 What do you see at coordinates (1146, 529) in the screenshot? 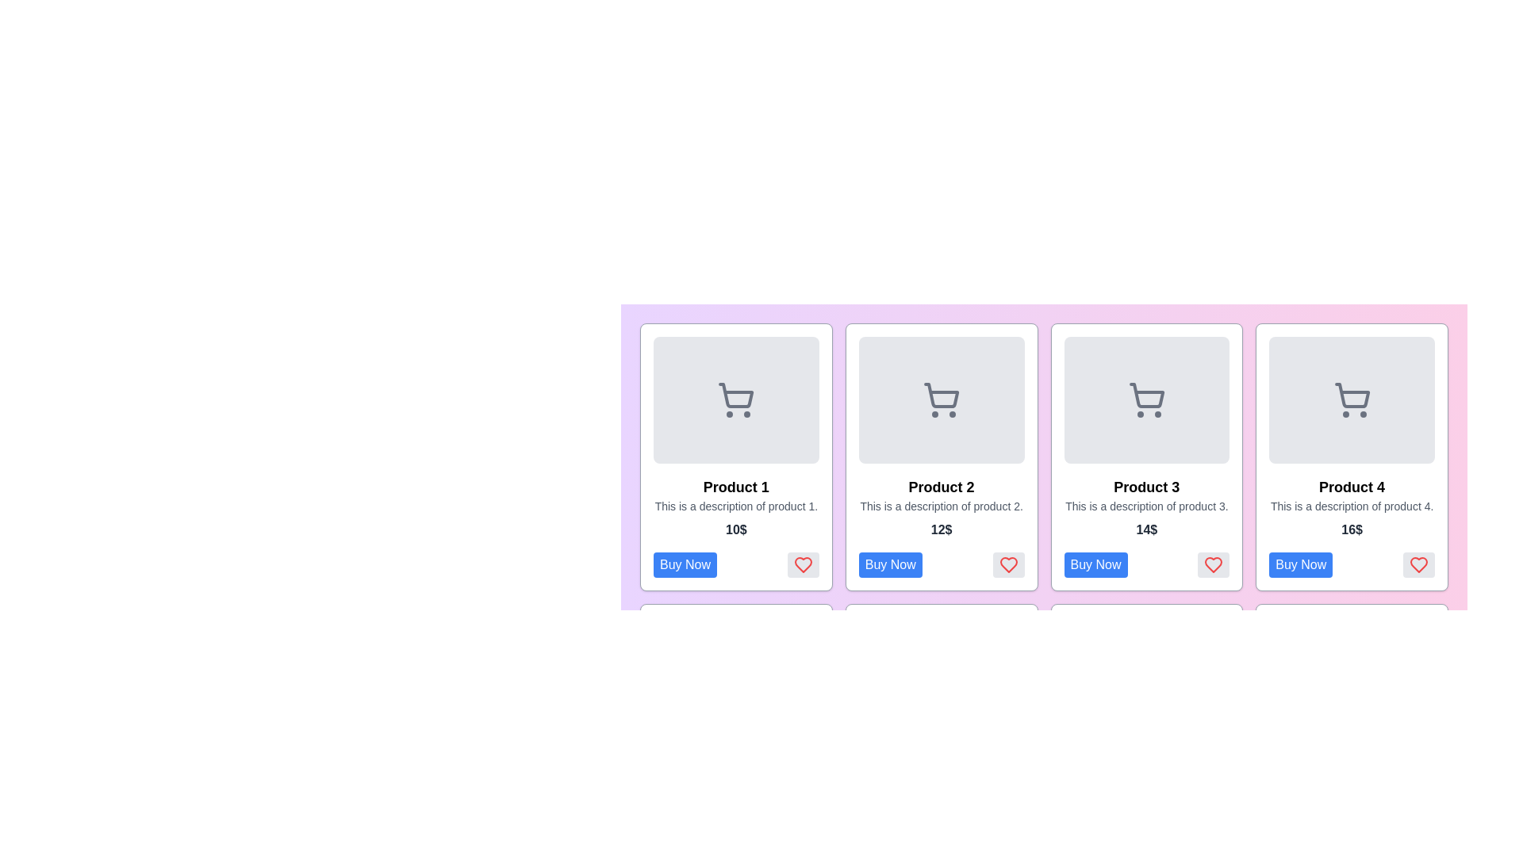
I see `the text label displaying '14$', which is styled with gray text on a white background and located below the description of 'Product 3'` at bounding box center [1146, 529].